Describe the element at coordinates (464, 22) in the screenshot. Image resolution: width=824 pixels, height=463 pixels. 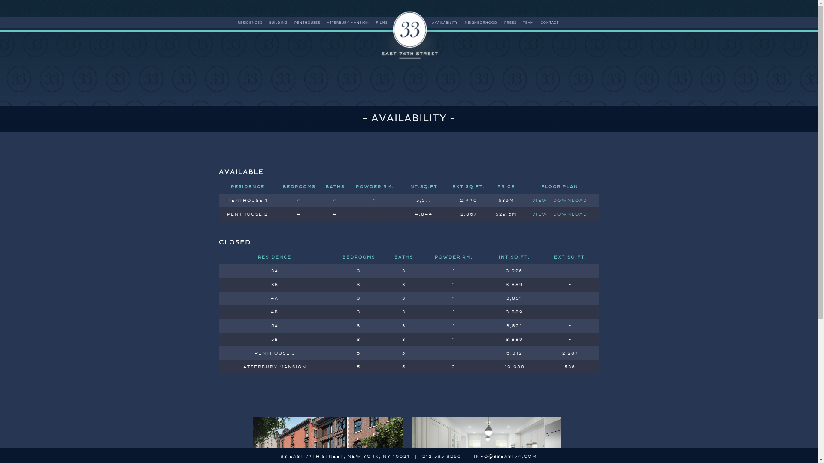
I see `'NEIGHBORHOOD'` at that location.